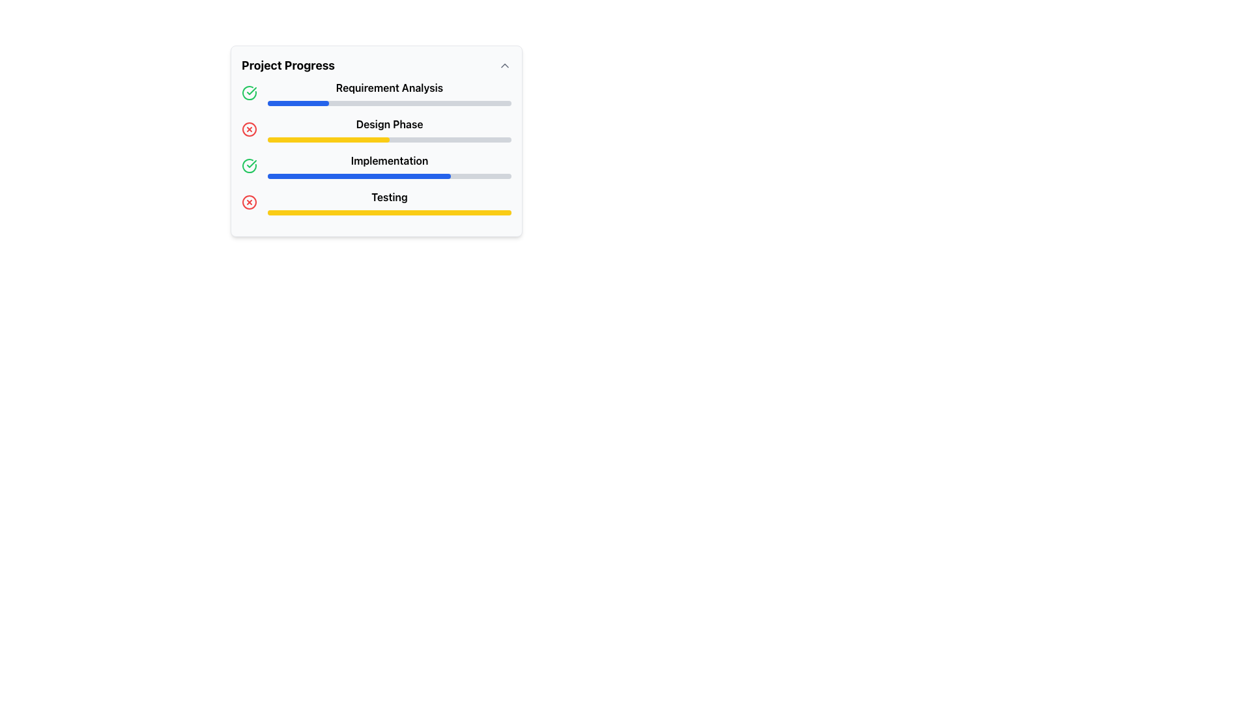 The image size is (1251, 703). I want to click on the icon indicating the status for the 'Testing' section, which is the first element on the left before the text 'Testing', so click(250, 202).